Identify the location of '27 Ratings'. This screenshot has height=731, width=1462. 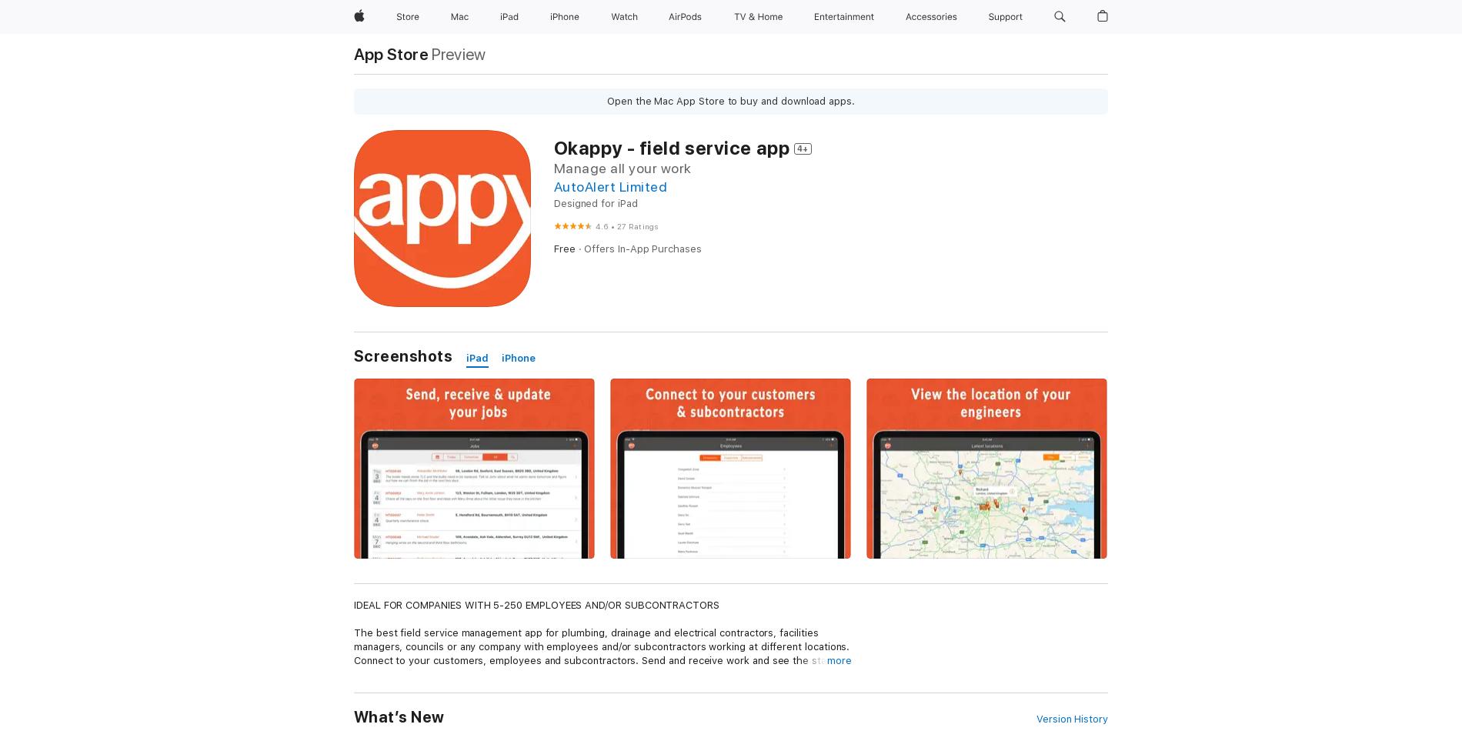
(616, 225).